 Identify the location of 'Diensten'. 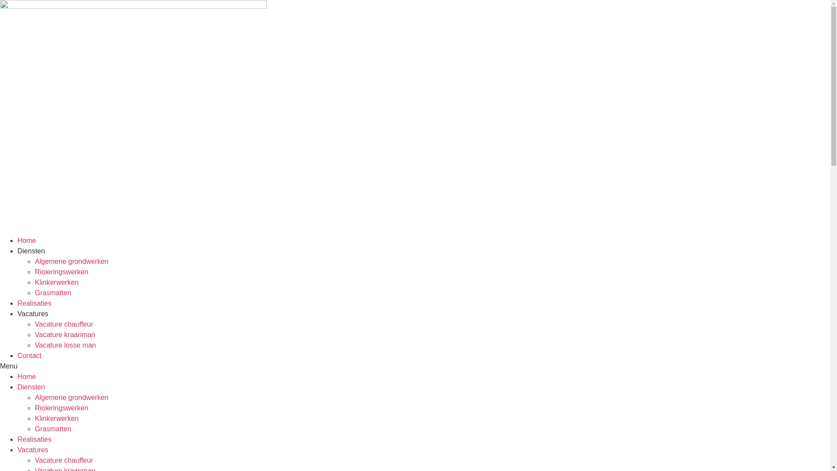
(31, 386).